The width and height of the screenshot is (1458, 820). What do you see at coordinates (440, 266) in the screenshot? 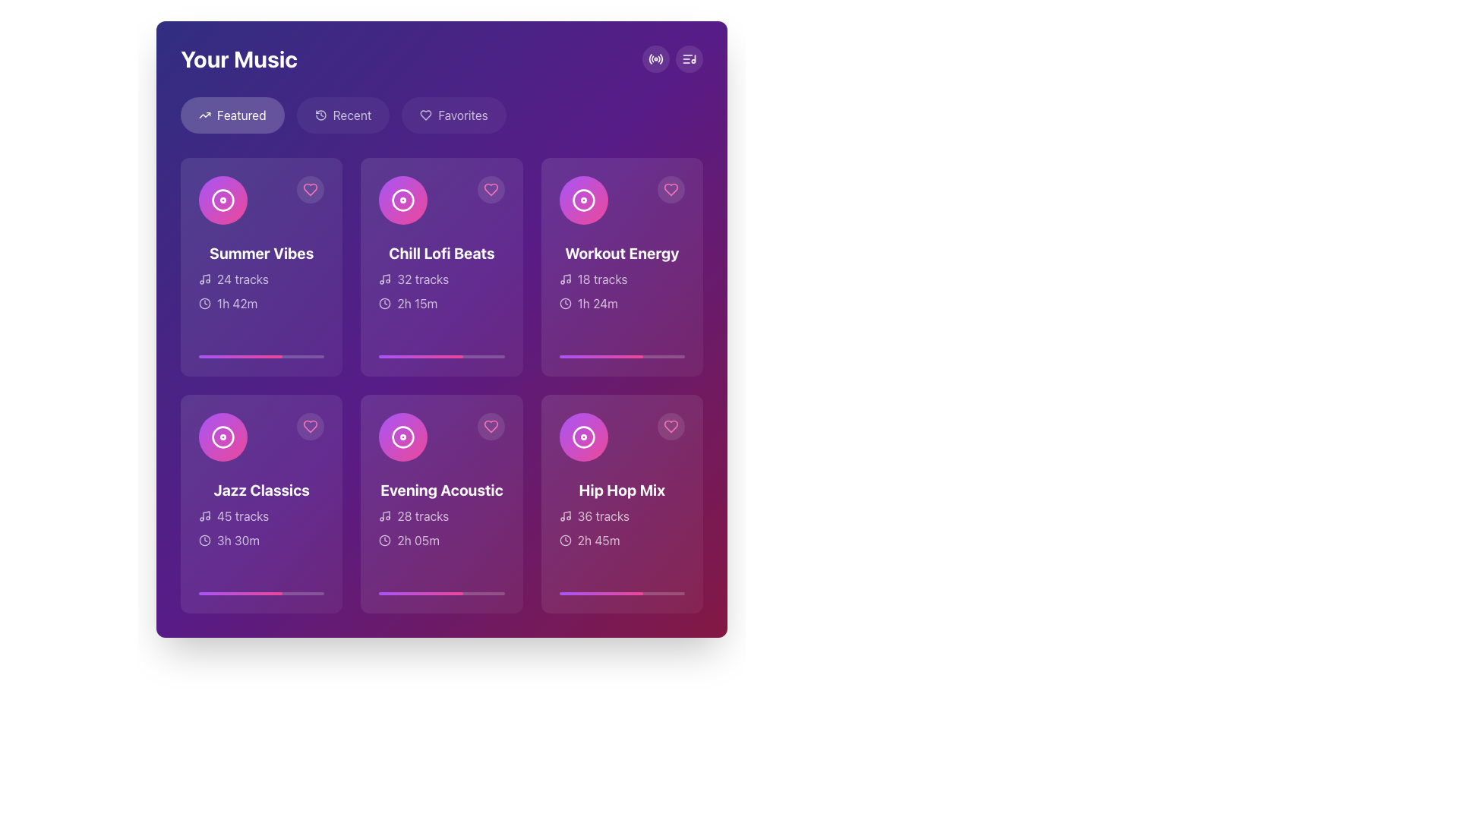
I see `the 'Chill Lofi Beats' playlist card` at bounding box center [440, 266].